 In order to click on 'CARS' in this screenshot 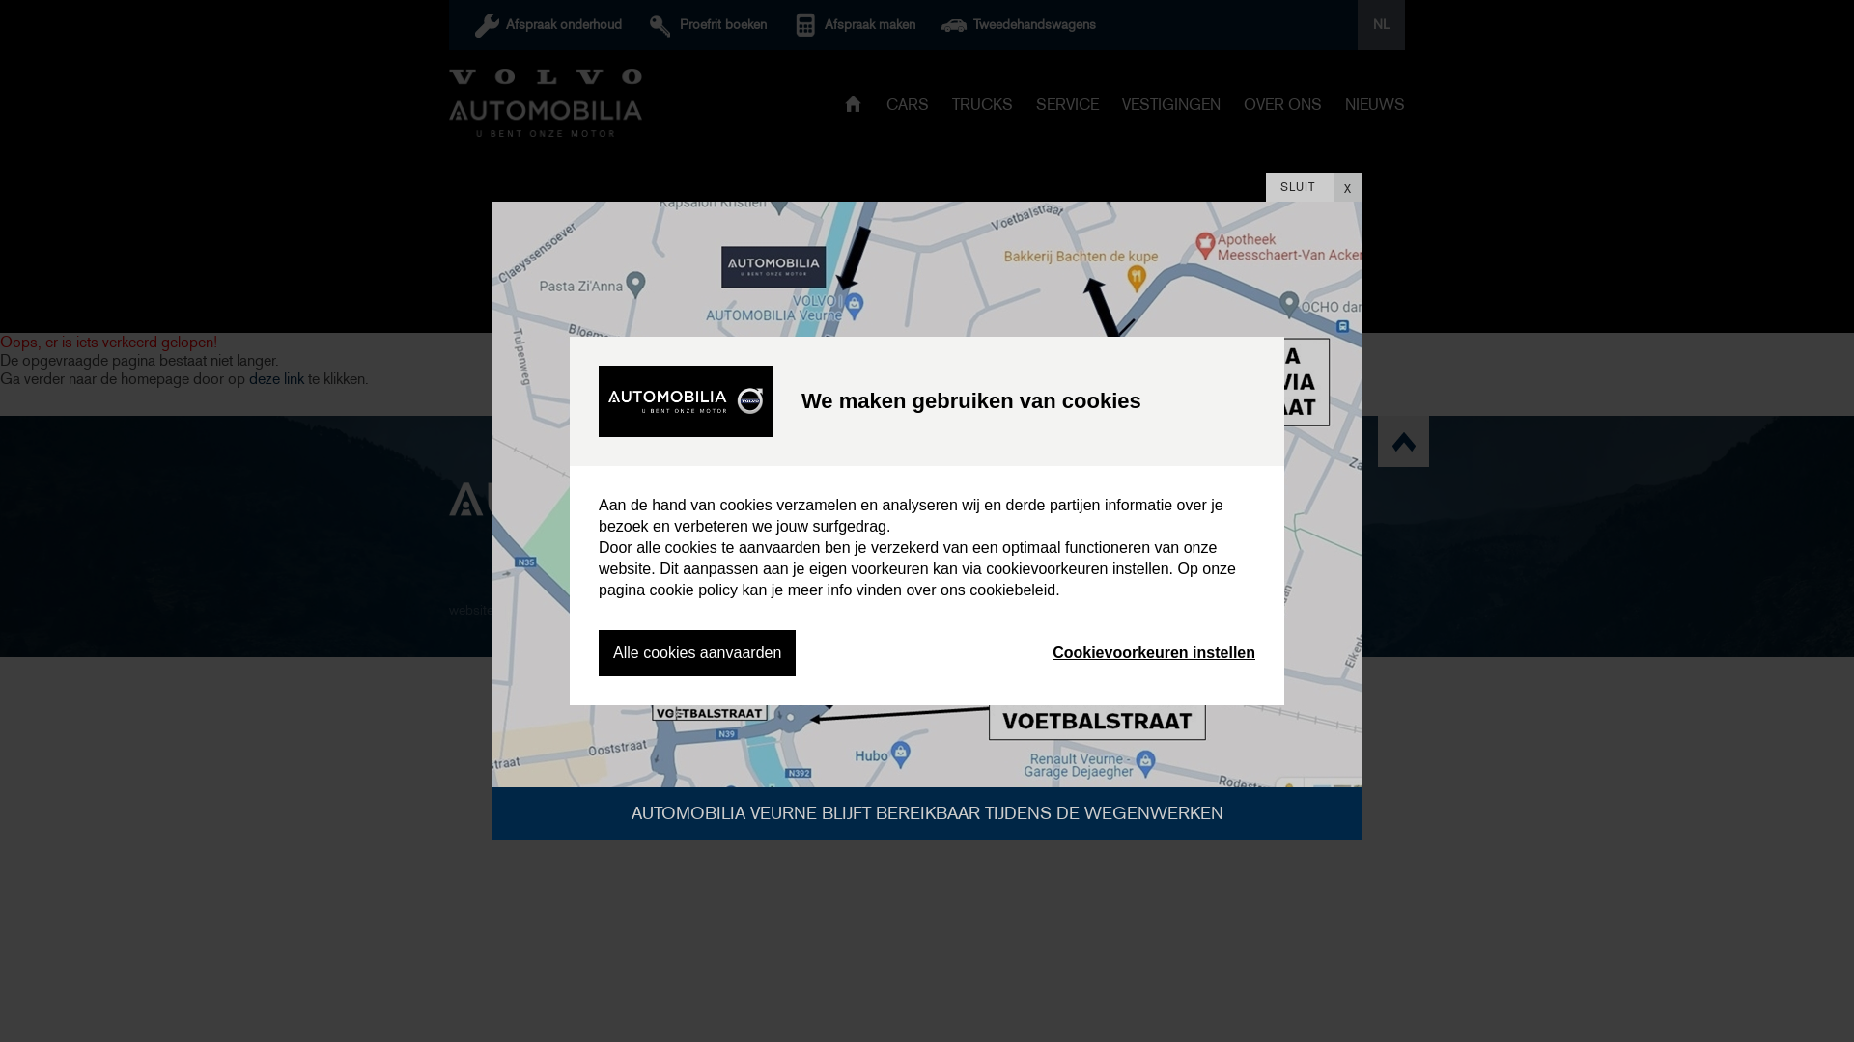, I will do `click(907, 108)`.